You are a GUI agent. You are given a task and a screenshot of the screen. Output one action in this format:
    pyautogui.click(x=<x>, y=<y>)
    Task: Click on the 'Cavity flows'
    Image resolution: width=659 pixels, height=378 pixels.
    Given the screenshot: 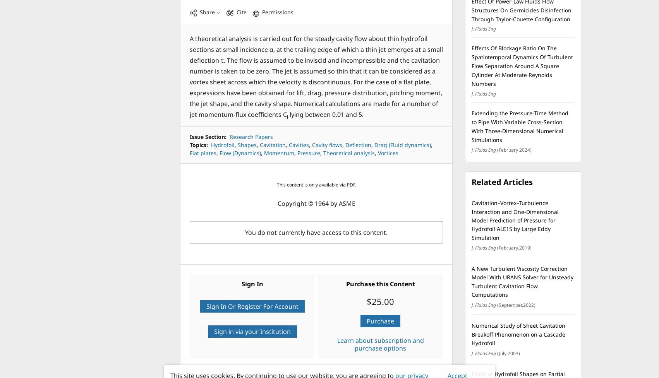 What is the action you would take?
    pyautogui.click(x=312, y=144)
    